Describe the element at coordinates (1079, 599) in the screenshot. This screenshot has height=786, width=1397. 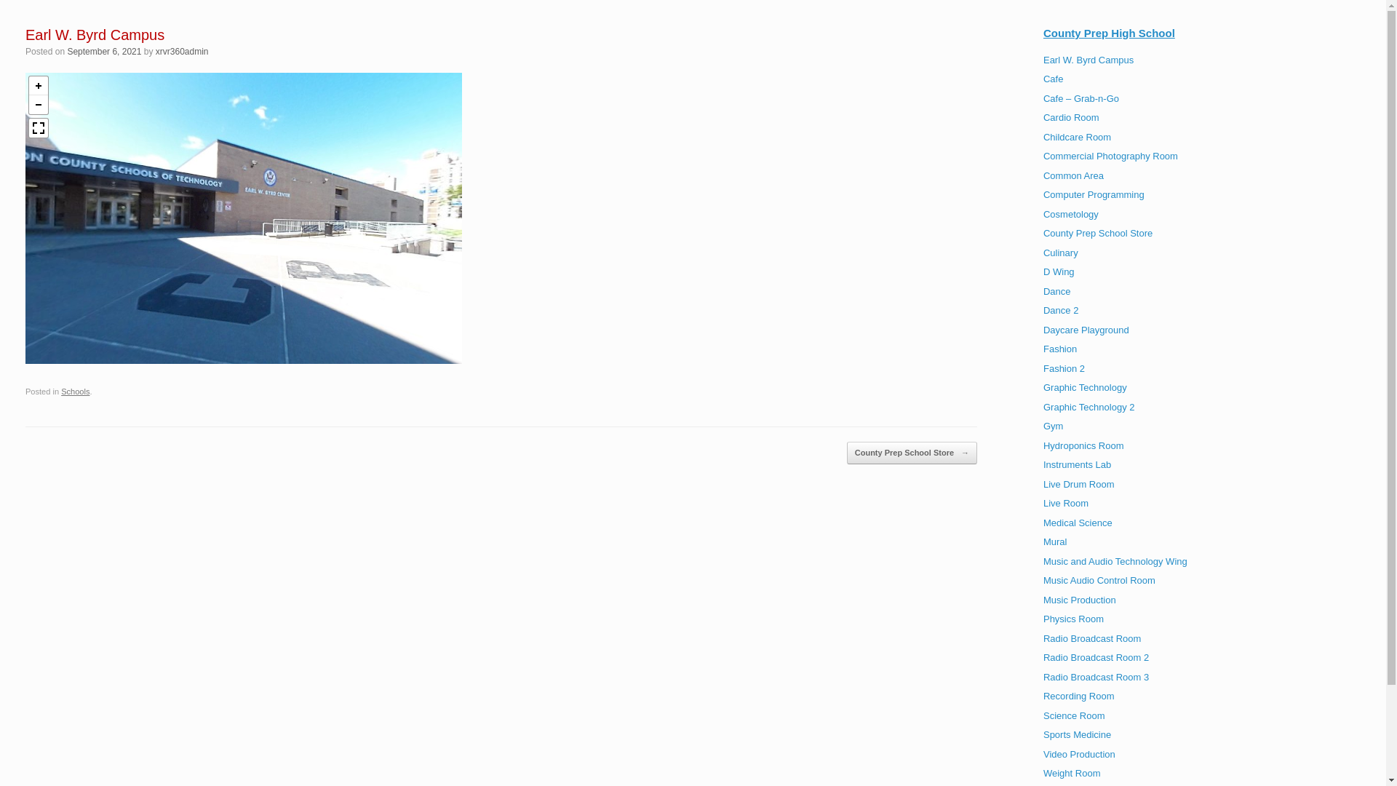
I see `'Music Production'` at that location.